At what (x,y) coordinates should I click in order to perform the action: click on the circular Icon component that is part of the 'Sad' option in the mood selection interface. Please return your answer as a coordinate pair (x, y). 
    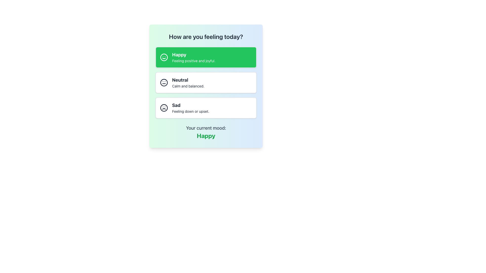
    Looking at the image, I should click on (164, 108).